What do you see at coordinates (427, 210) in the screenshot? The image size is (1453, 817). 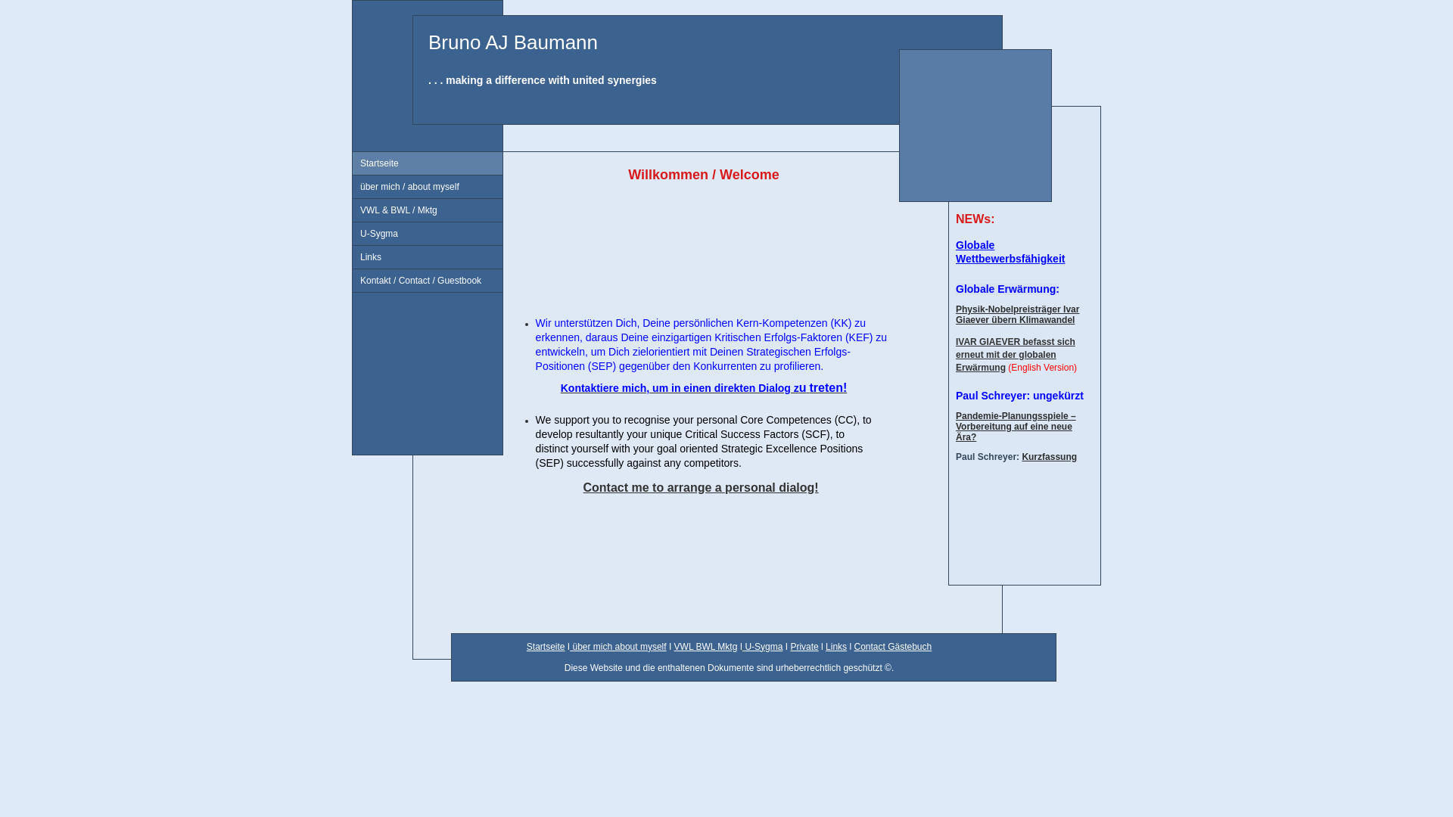 I see `'VWL & BWL / Mktg'` at bounding box center [427, 210].